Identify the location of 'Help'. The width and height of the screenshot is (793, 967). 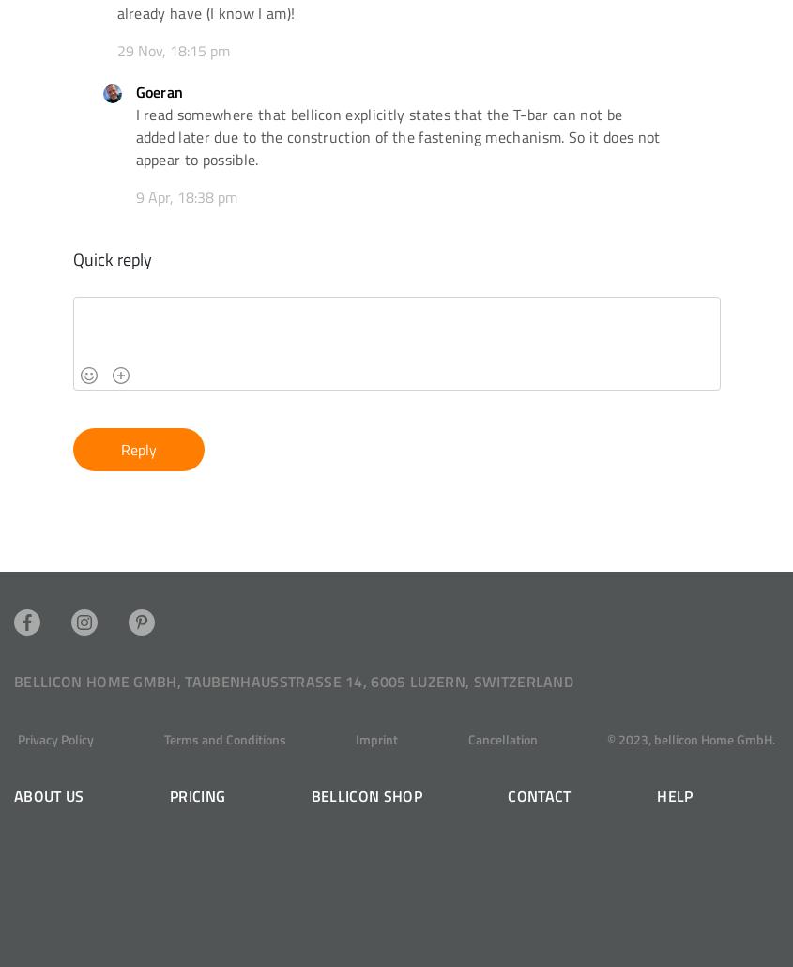
(674, 794).